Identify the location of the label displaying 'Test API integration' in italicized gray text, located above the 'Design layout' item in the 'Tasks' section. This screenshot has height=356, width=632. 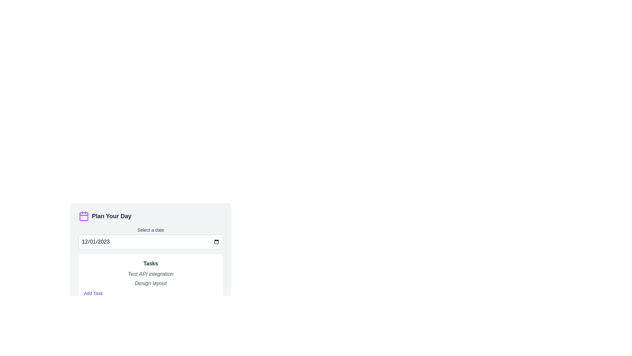
(150, 274).